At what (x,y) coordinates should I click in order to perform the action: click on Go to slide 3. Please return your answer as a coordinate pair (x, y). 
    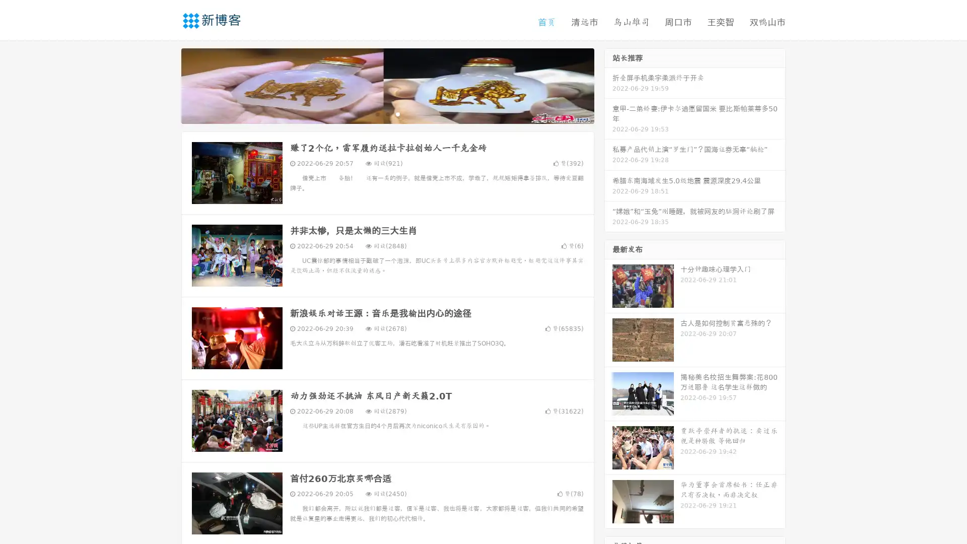
    Looking at the image, I should click on (397, 113).